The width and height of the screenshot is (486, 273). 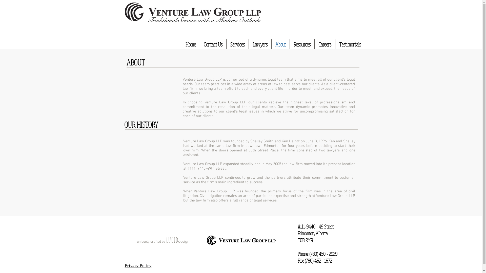 What do you see at coordinates (203, 19) in the screenshot?
I see `'Traditional Service with a Modern Outlook'` at bounding box center [203, 19].